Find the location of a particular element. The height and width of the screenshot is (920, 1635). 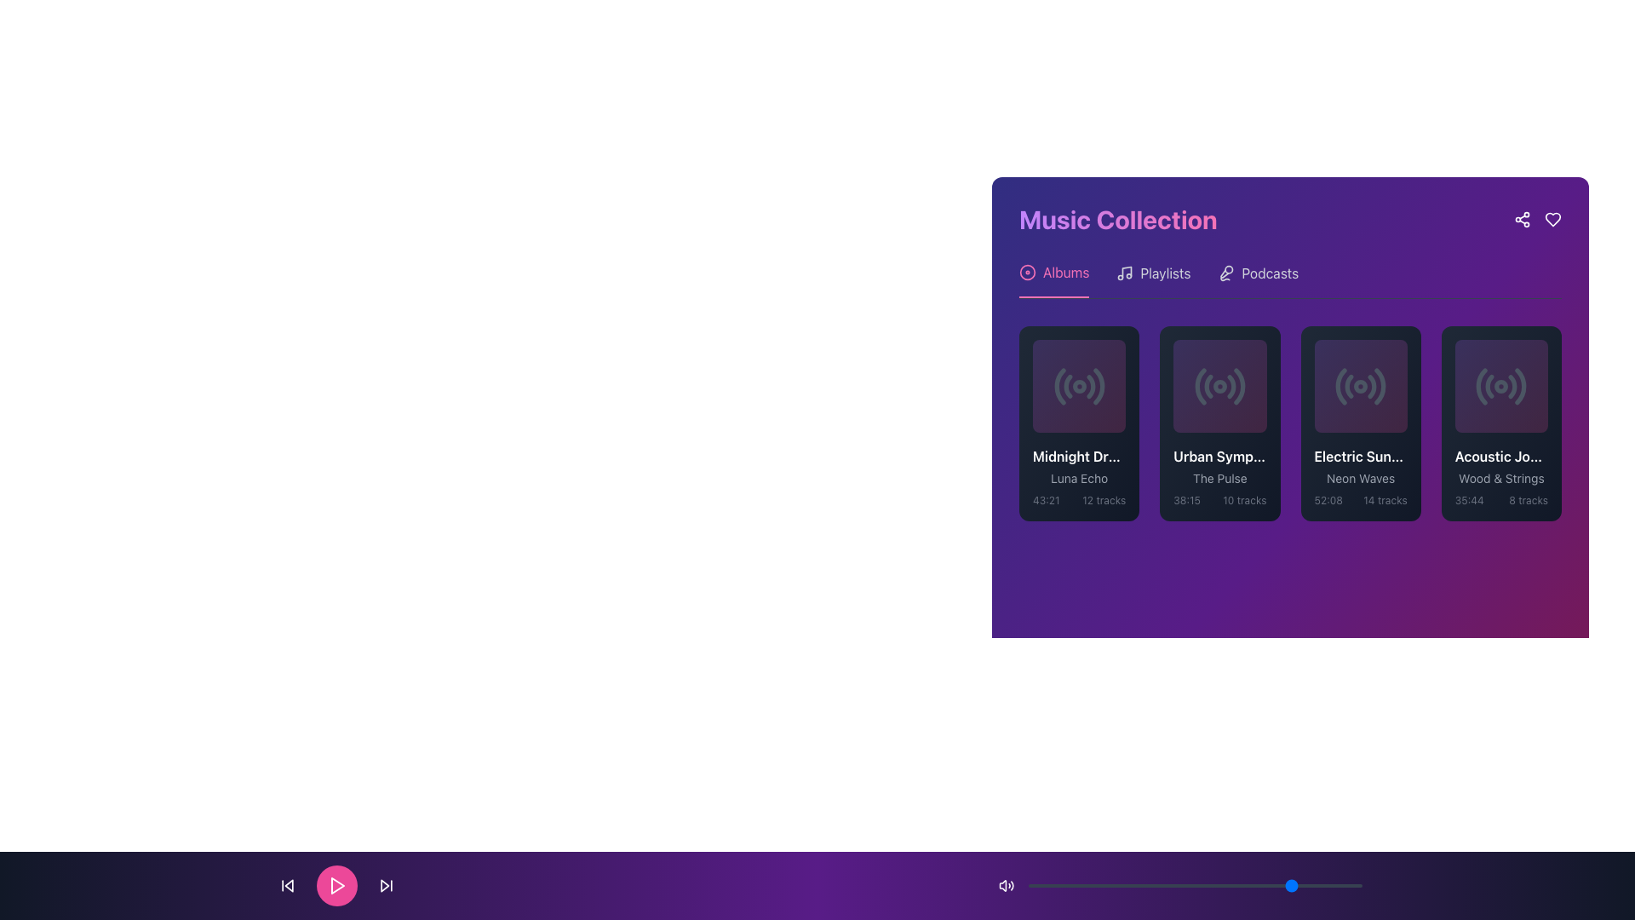

the text label displaying '35:44' in the bottom-left corner of the 'Acoustic Journey' card within the 'Albums' section is located at coordinates (1468, 500).